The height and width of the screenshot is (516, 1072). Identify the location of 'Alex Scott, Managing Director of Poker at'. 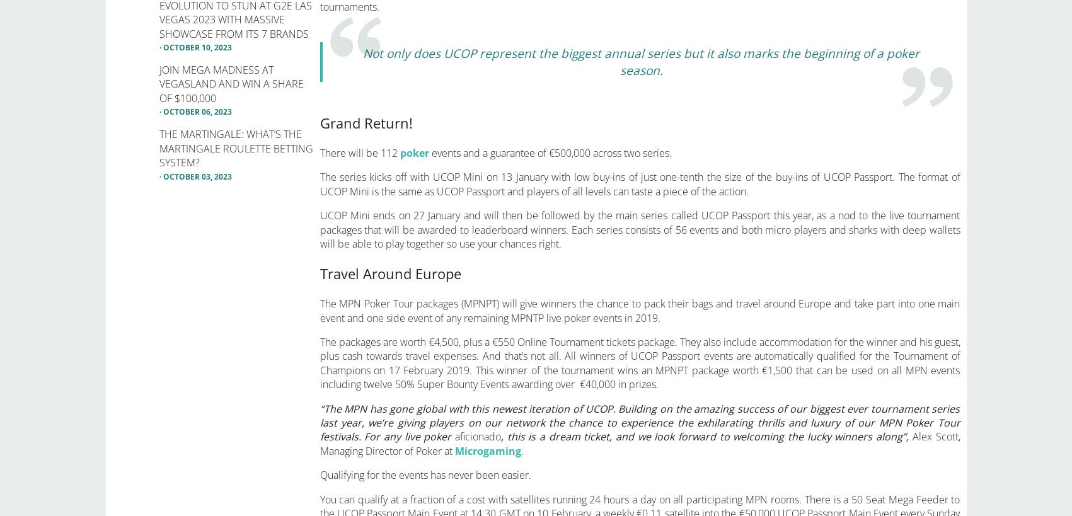
(639, 443).